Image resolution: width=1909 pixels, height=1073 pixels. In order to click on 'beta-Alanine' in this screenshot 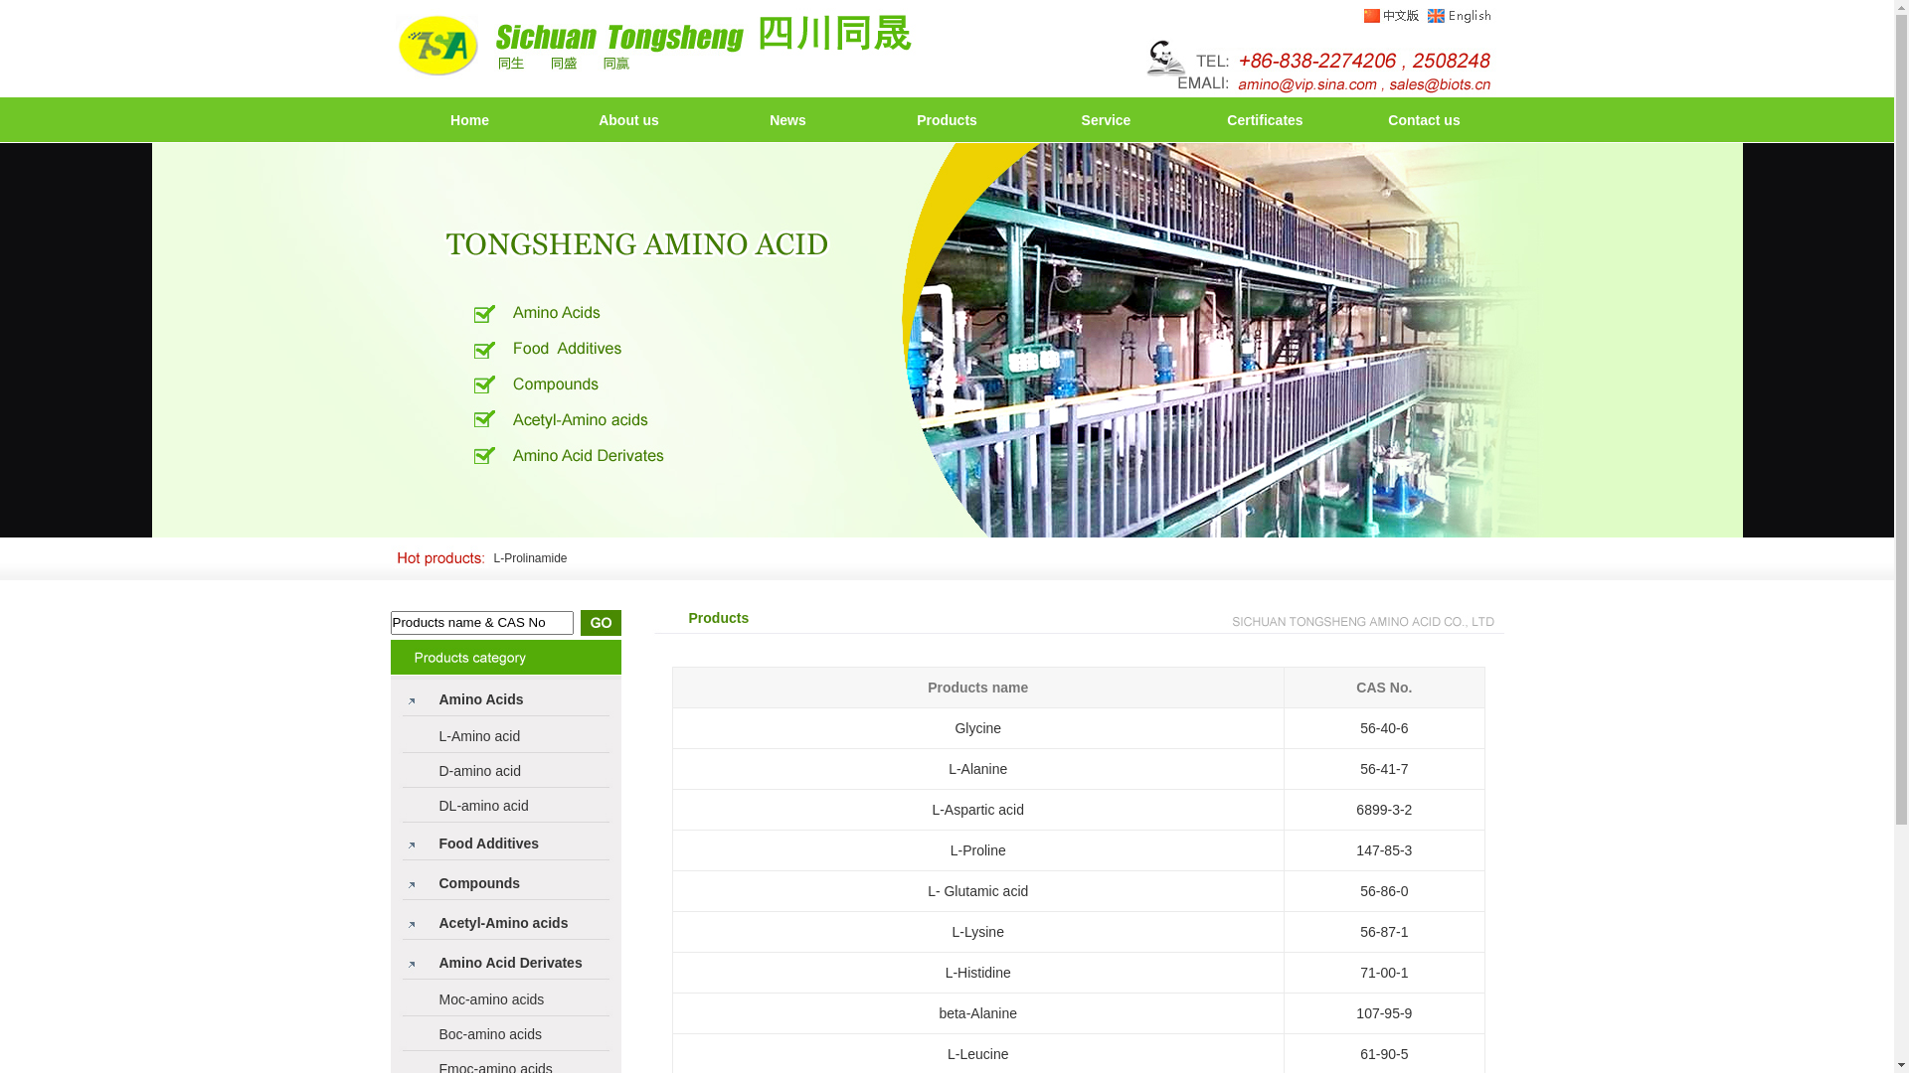, I will do `click(977, 1012)`.